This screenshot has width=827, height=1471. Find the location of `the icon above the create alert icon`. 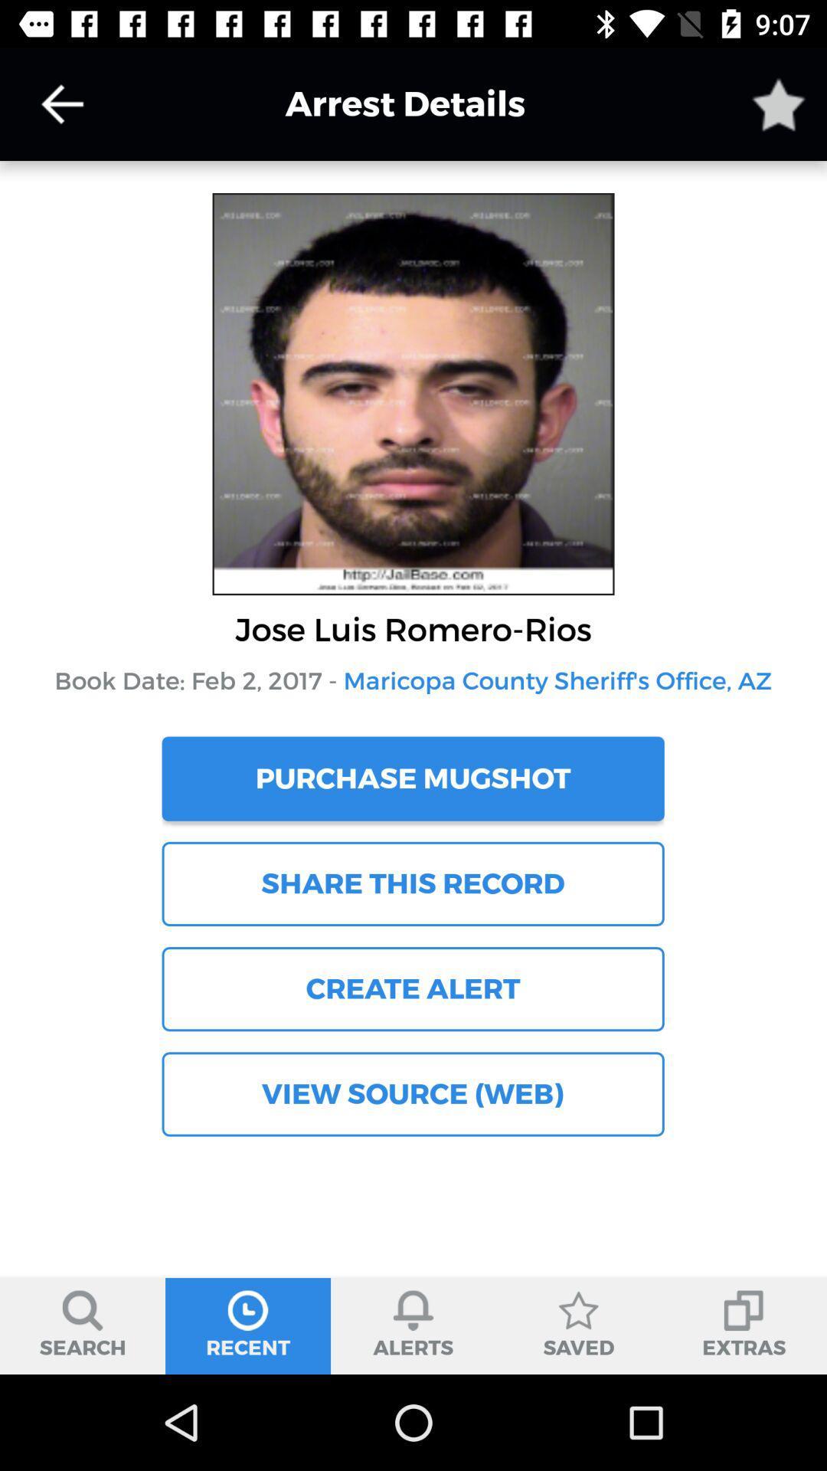

the icon above the create alert icon is located at coordinates (412, 883).